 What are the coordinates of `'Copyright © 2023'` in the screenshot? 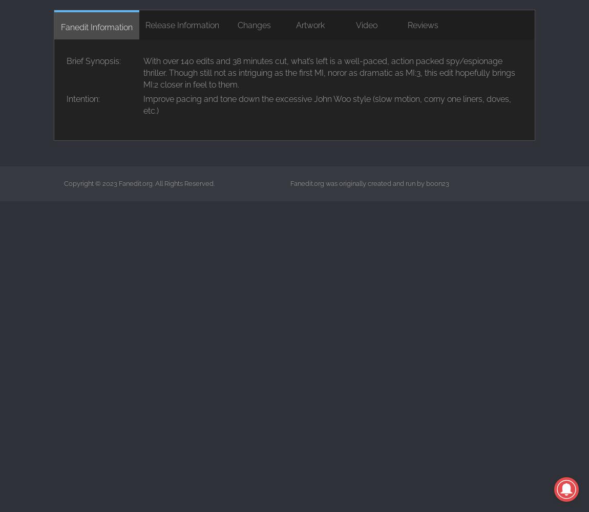 It's located at (91, 182).